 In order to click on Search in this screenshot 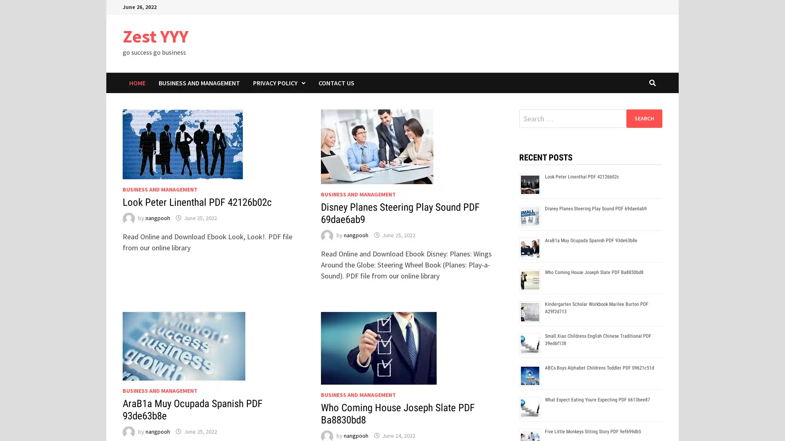, I will do `click(644, 118)`.